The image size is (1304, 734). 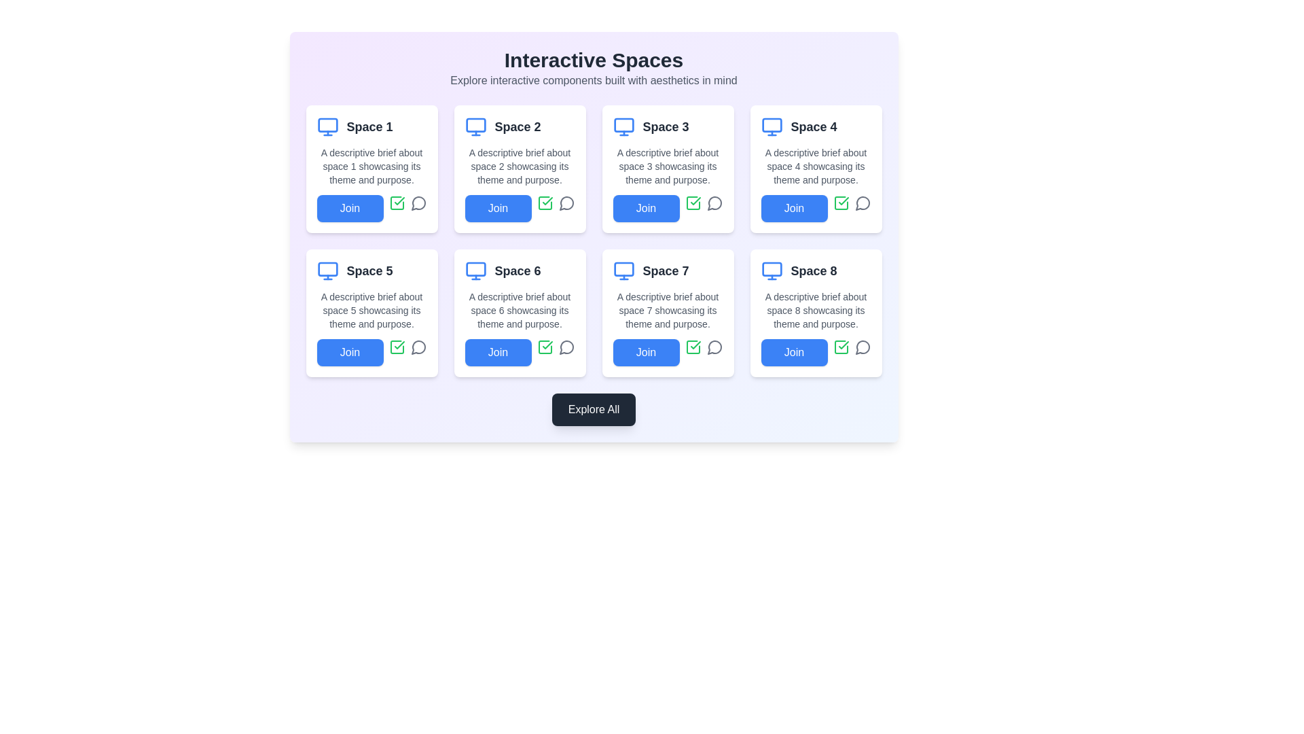 What do you see at coordinates (566, 347) in the screenshot?
I see `the speech bubble outline icon located in the bottom-right corner of the card labeled 'Space 6'` at bounding box center [566, 347].